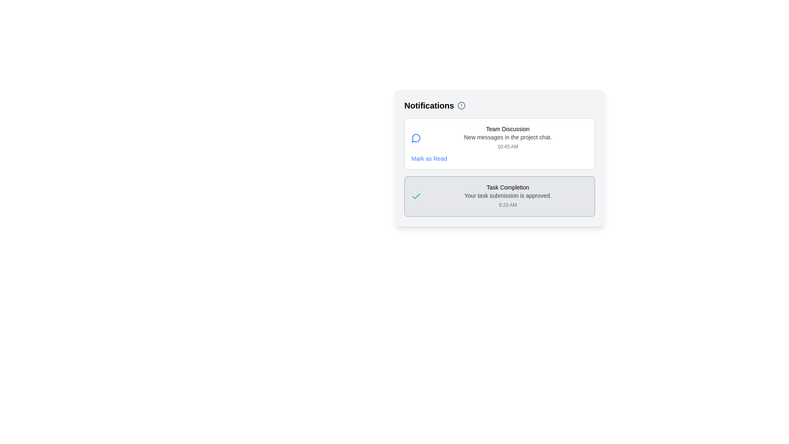  What do you see at coordinates (499, 137) in the screenshot?
I see `the 'Team Discussion' notification item, which includes the title, subtitle, and timestamp` at bounding box center [499, 137].